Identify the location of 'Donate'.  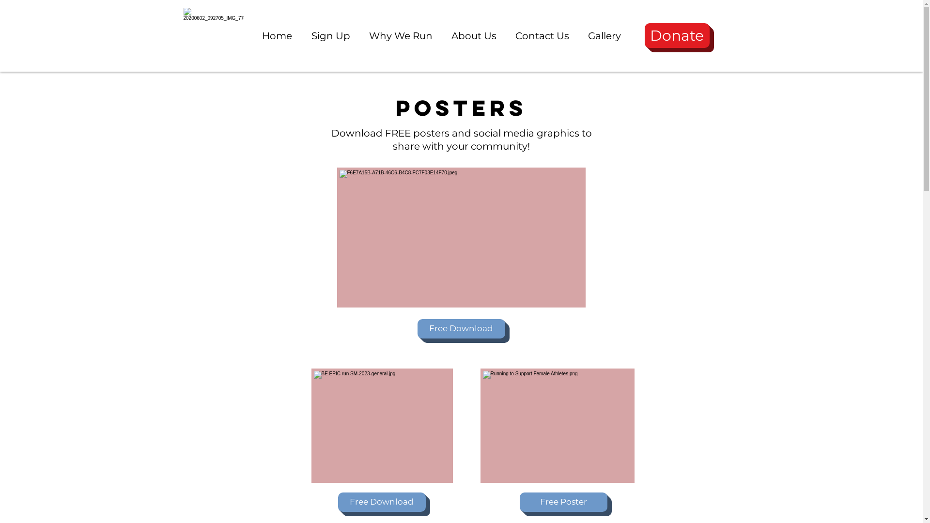
(644, 35).